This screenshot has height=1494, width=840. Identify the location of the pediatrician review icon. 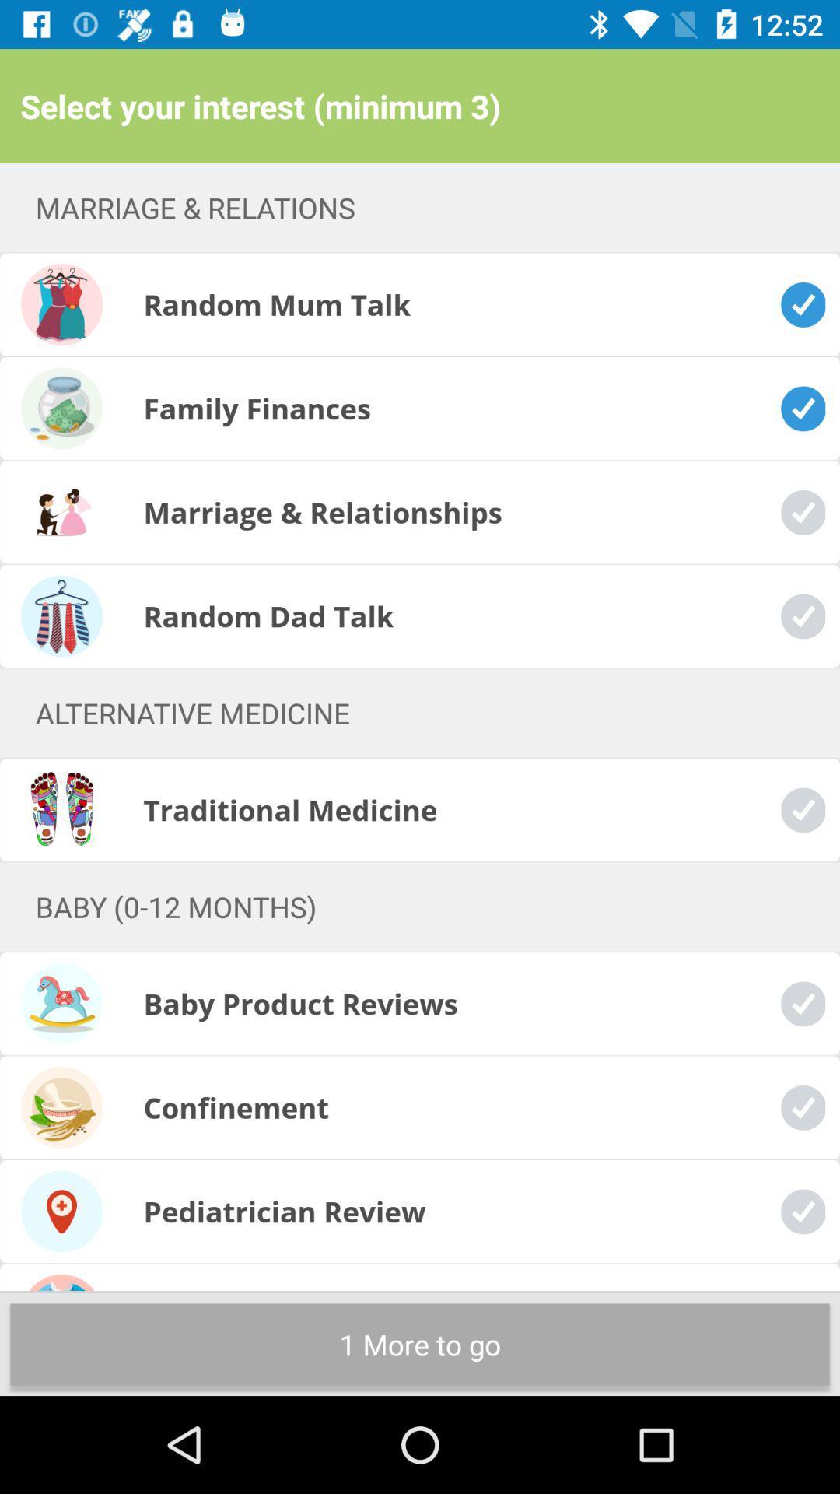
(61, 1211).